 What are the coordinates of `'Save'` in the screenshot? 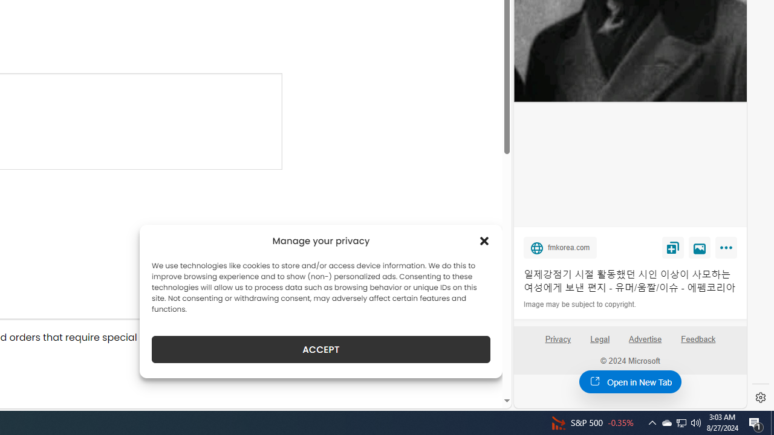 It's located at (672, 246).